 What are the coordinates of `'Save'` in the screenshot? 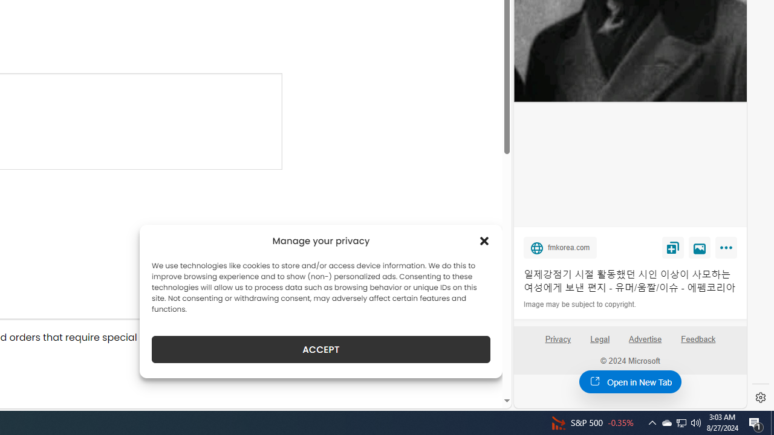 It's located at (672, 246).